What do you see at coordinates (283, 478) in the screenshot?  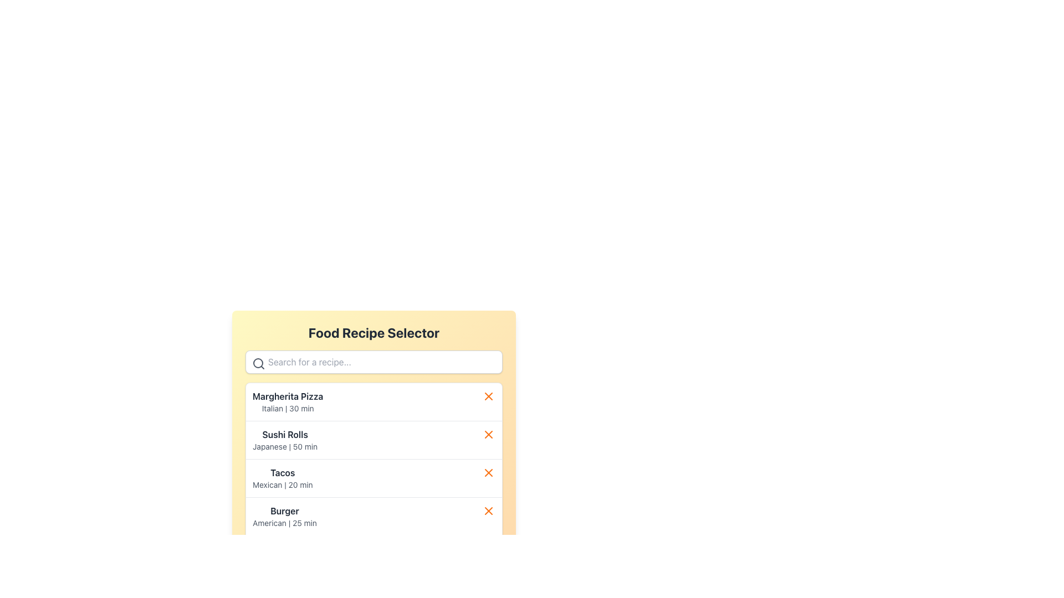 I see `the text label displaying 'Tacos' in the Food Recipe Selector section` at bounding box center [283, 478].